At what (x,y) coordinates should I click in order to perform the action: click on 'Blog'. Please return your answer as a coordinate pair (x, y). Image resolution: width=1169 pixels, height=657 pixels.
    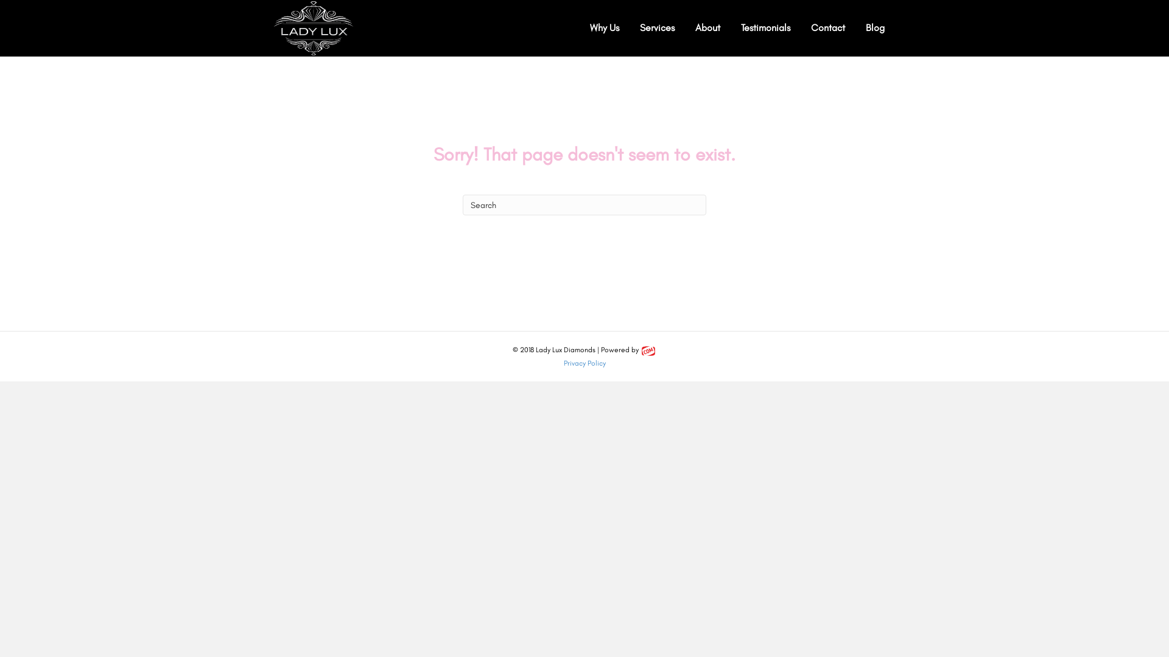
    Looking at the image, I should click on (874, 27).